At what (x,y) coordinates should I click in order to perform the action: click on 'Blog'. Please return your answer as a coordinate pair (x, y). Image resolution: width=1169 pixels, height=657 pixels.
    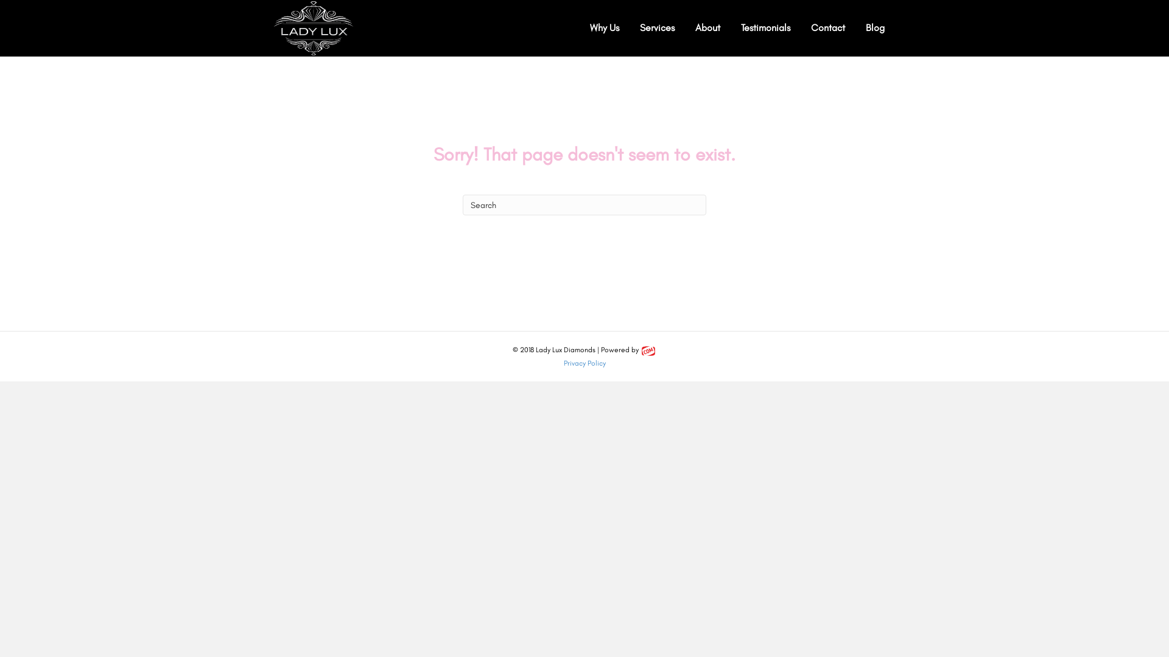
    Looking at the image, I should click on (874, 27).